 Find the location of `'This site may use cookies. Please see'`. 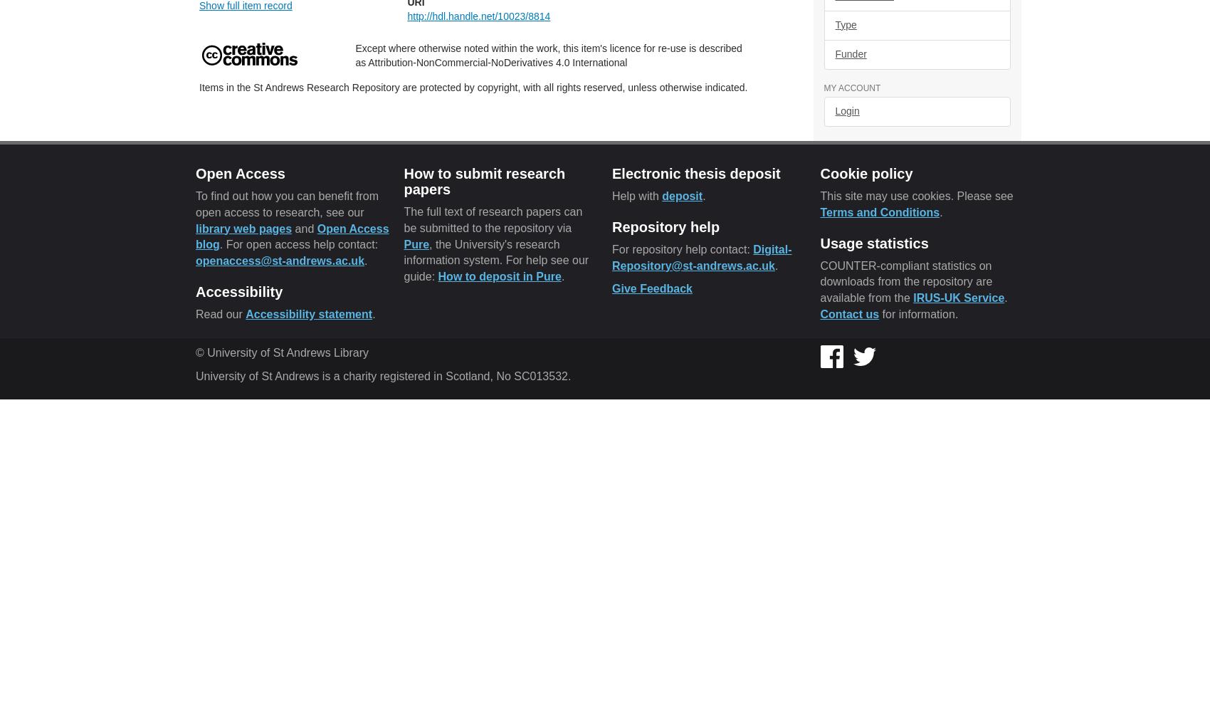

'This site may use cookies. Please see' is located at coordinates (916, 195).